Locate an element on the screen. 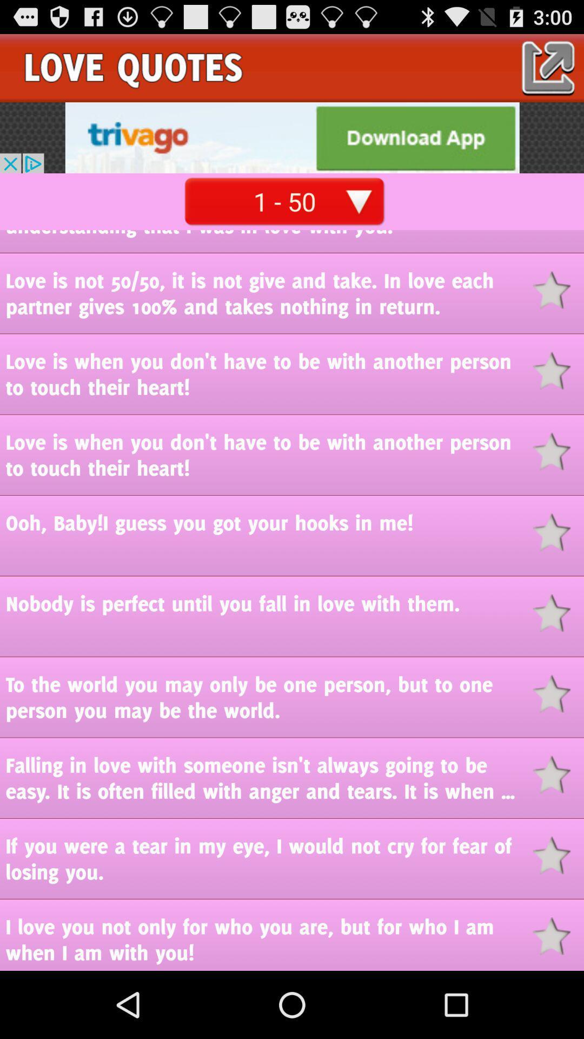  share the article is located at coordinates (558, 532).